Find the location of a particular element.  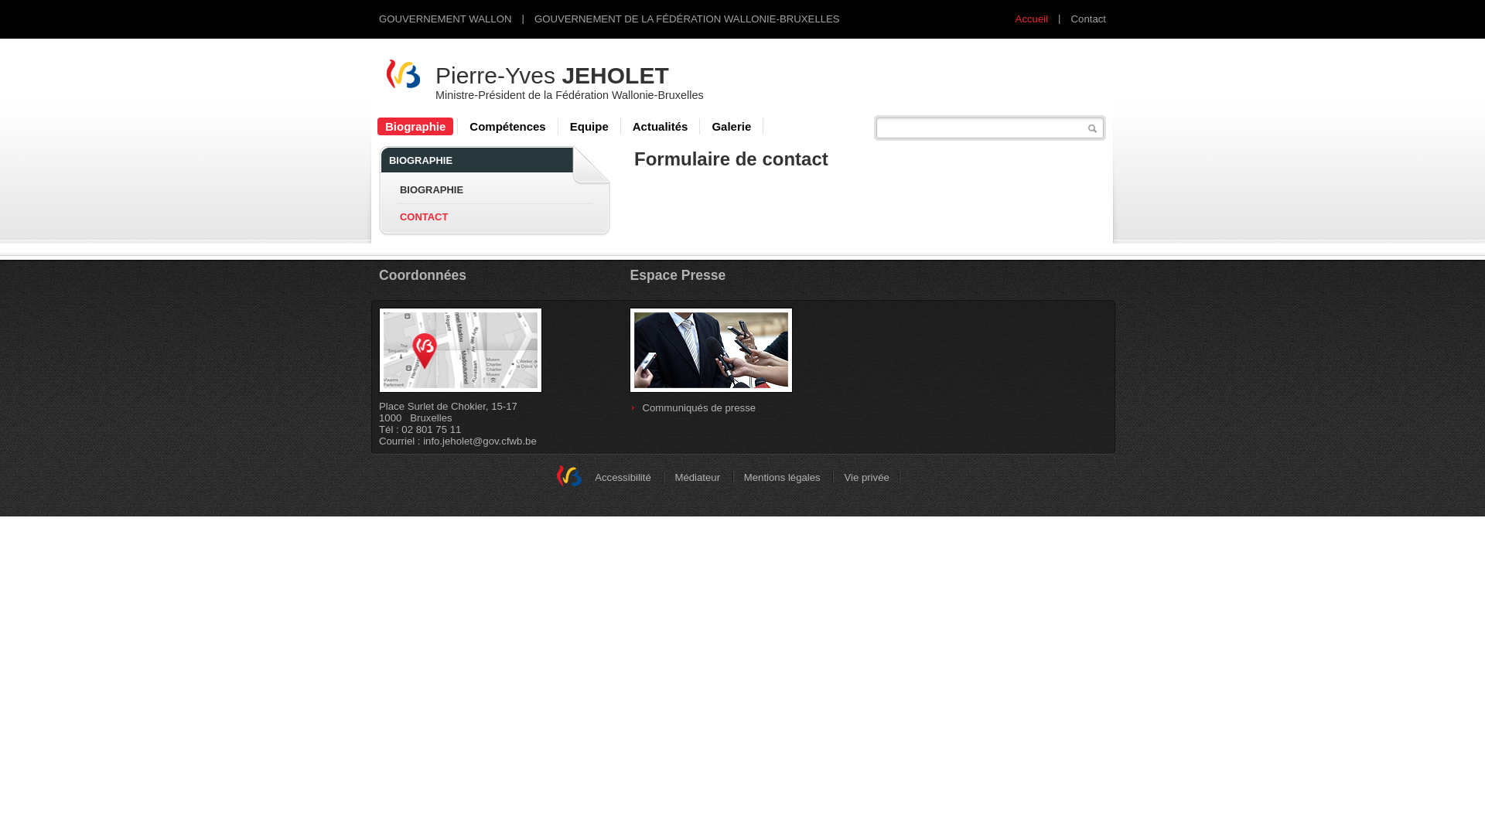

'CONTACT' is located at coordinates (423, 216).